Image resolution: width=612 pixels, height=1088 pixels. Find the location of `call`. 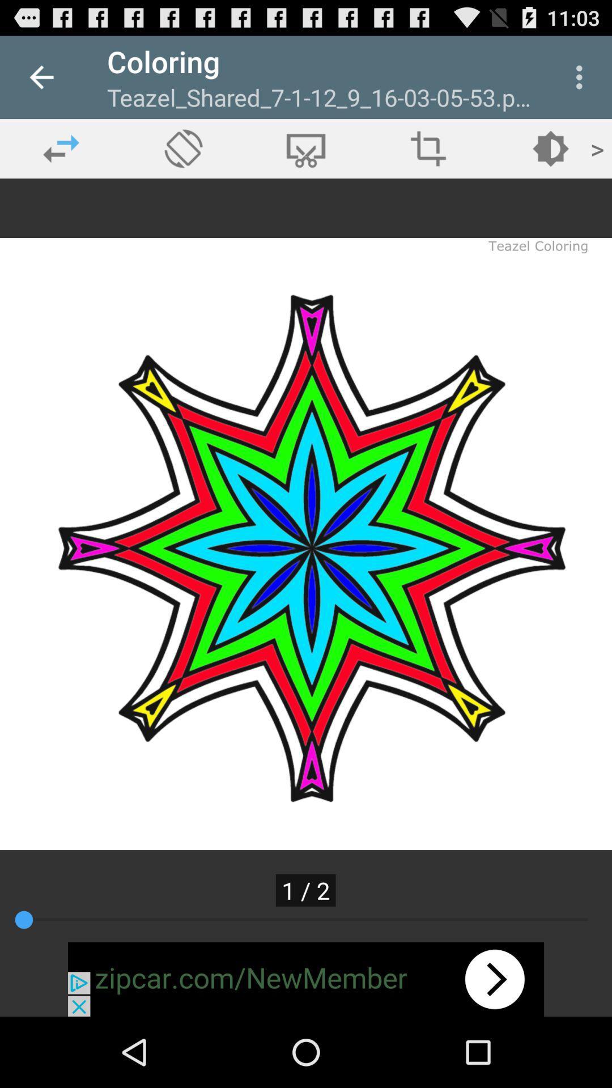

call is located at coordinates (183, 148).